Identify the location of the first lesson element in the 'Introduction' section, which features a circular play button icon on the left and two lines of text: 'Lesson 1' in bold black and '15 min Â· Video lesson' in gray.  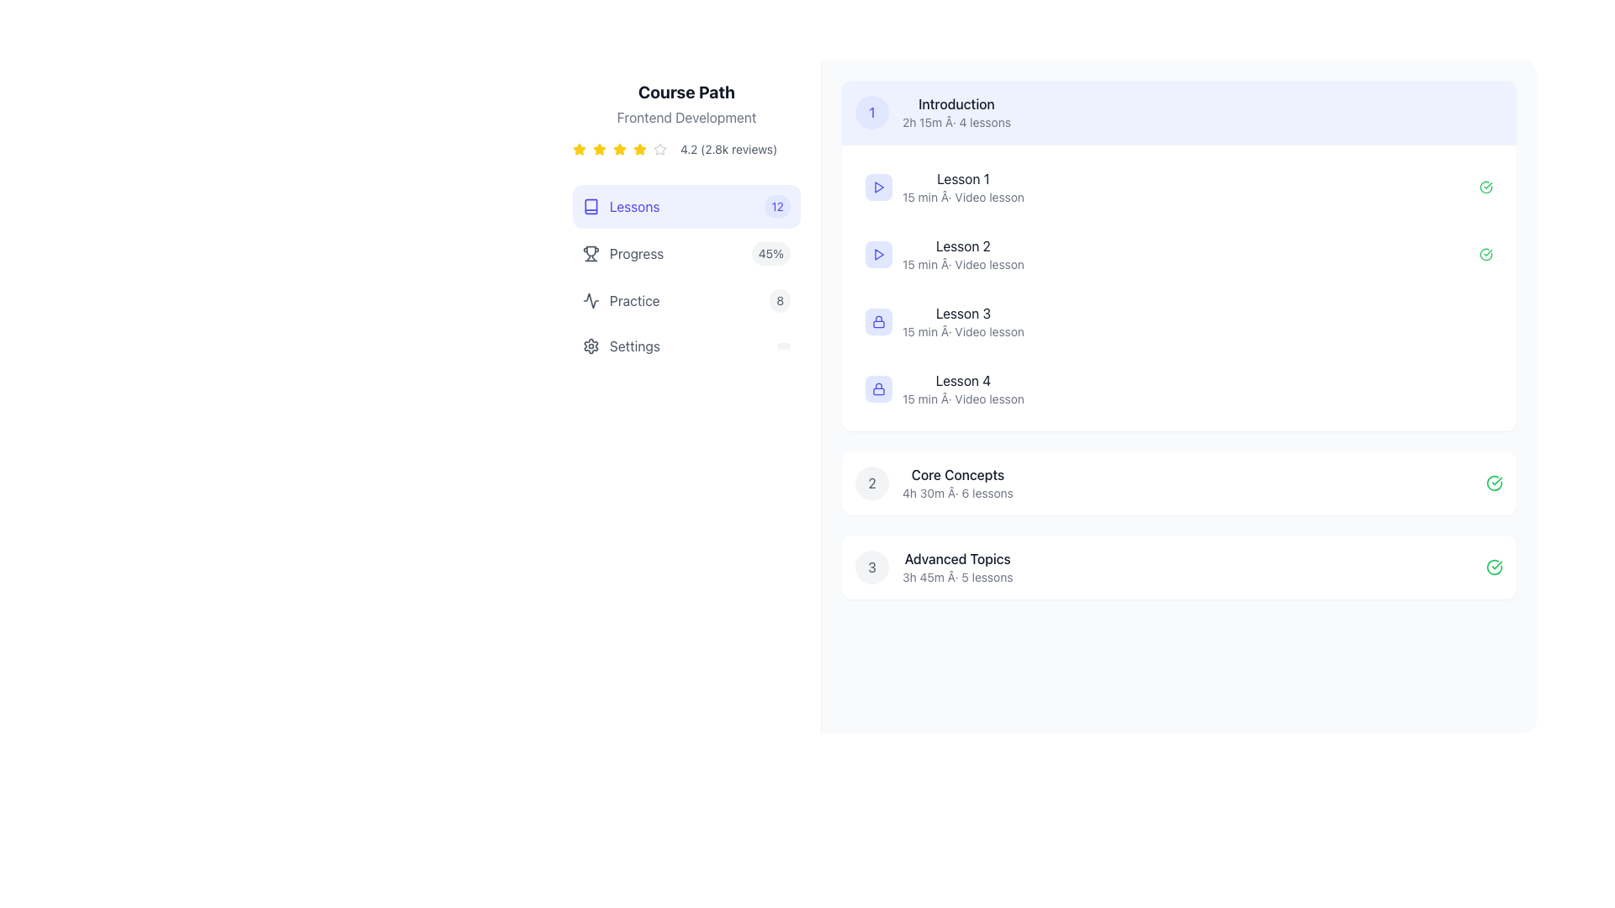
(945, 187).